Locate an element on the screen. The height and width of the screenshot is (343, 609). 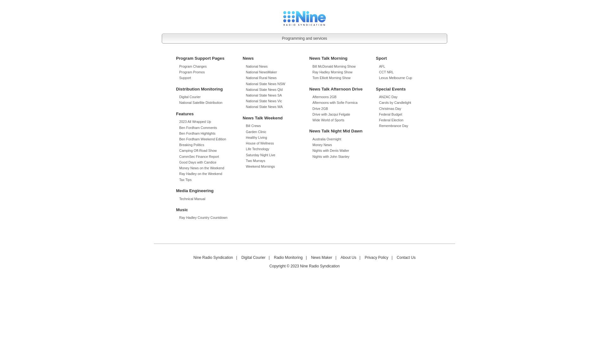
'Weekend Mornings' is located at coordinates (260, 166).